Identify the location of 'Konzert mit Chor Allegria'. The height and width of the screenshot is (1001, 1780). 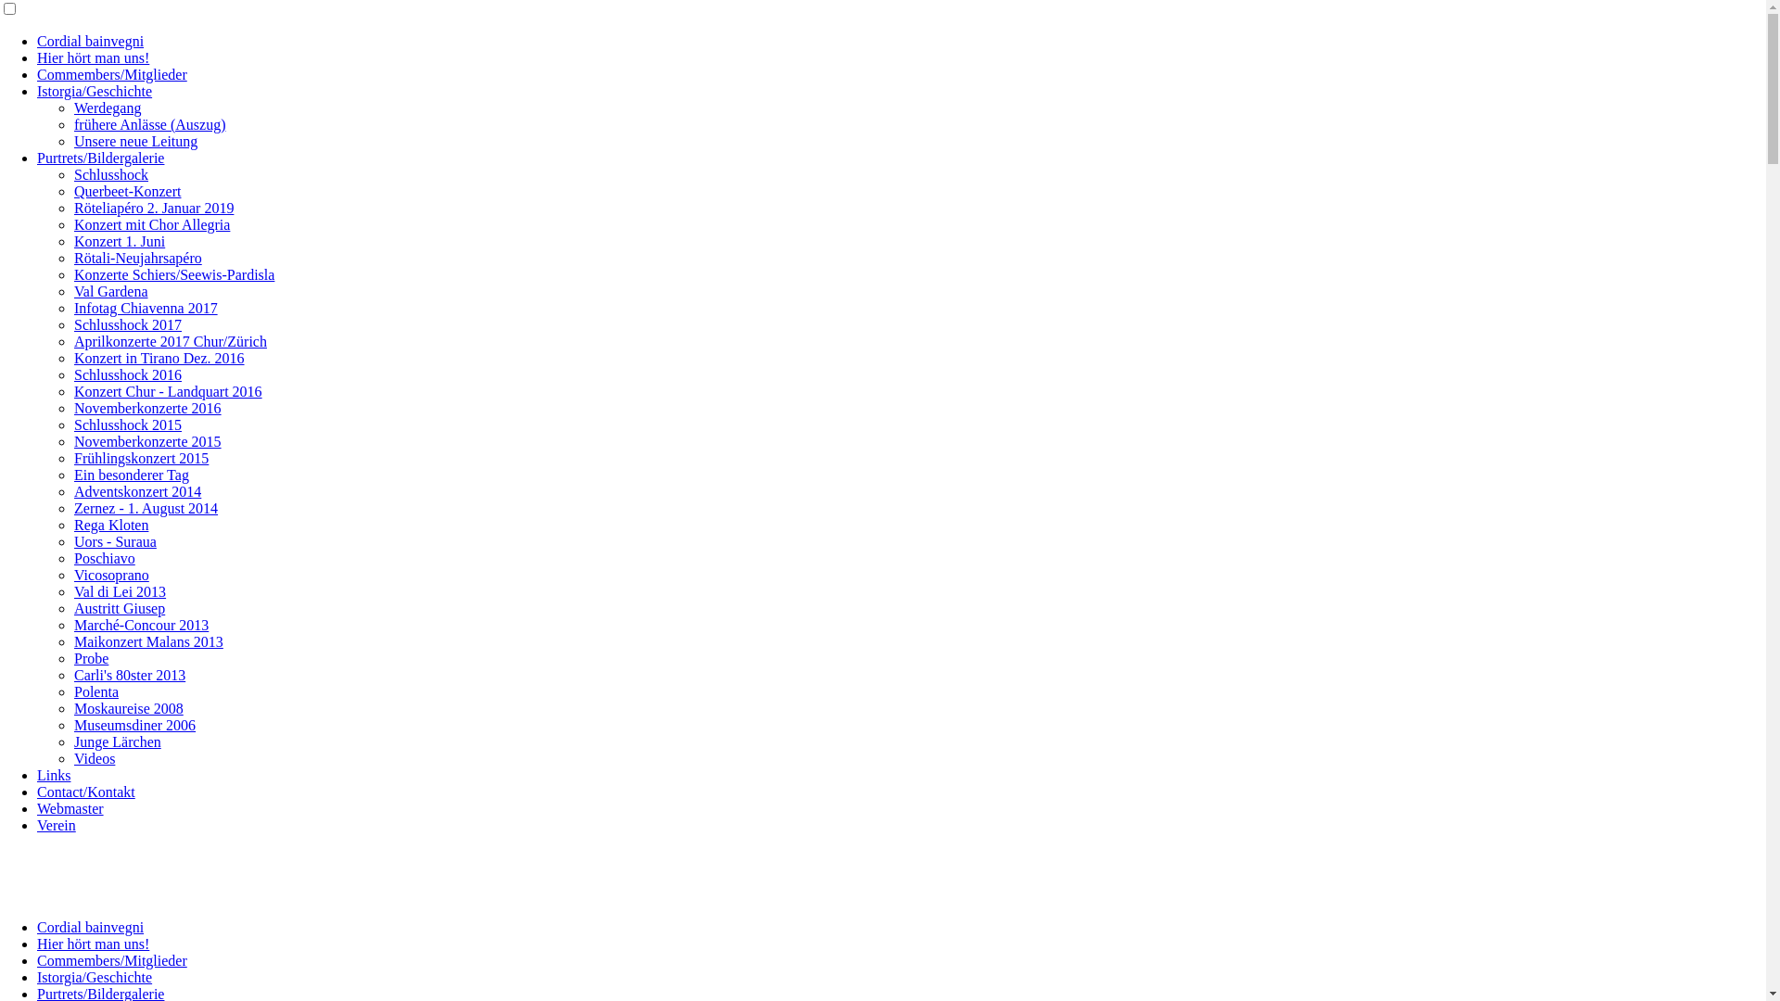
(151, 223).